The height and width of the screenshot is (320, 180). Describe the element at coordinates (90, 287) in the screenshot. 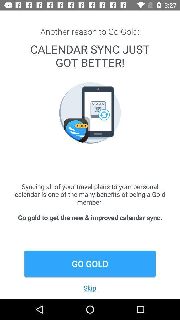

I see `item below go gold` at that location.